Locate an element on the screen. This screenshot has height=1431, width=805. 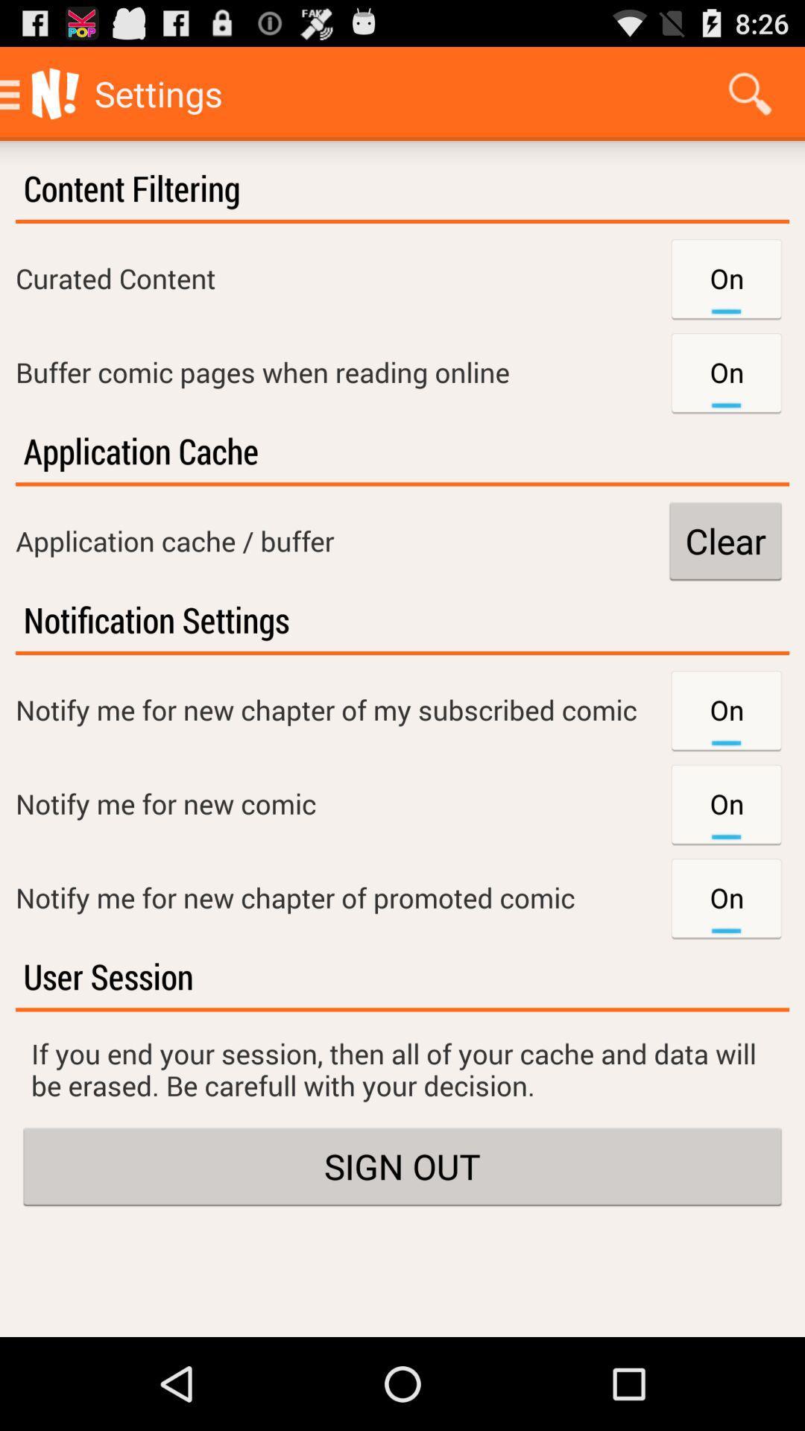
the item to the right of the application cache / buffer icon is located at coordinates (724, 540).